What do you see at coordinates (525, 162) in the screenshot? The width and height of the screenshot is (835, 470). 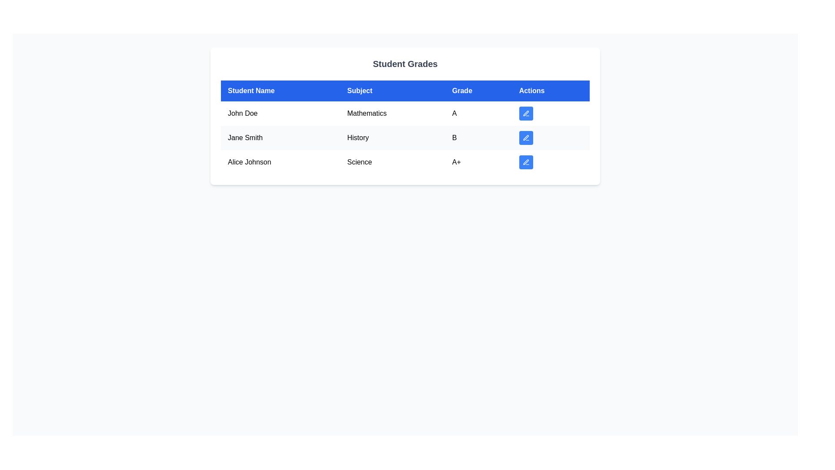 I see `the edit button (pen icon) in the 'Actions' column of the 'Student Grades' table for 'Alice Johnson'` at bounding box center [525, 162].